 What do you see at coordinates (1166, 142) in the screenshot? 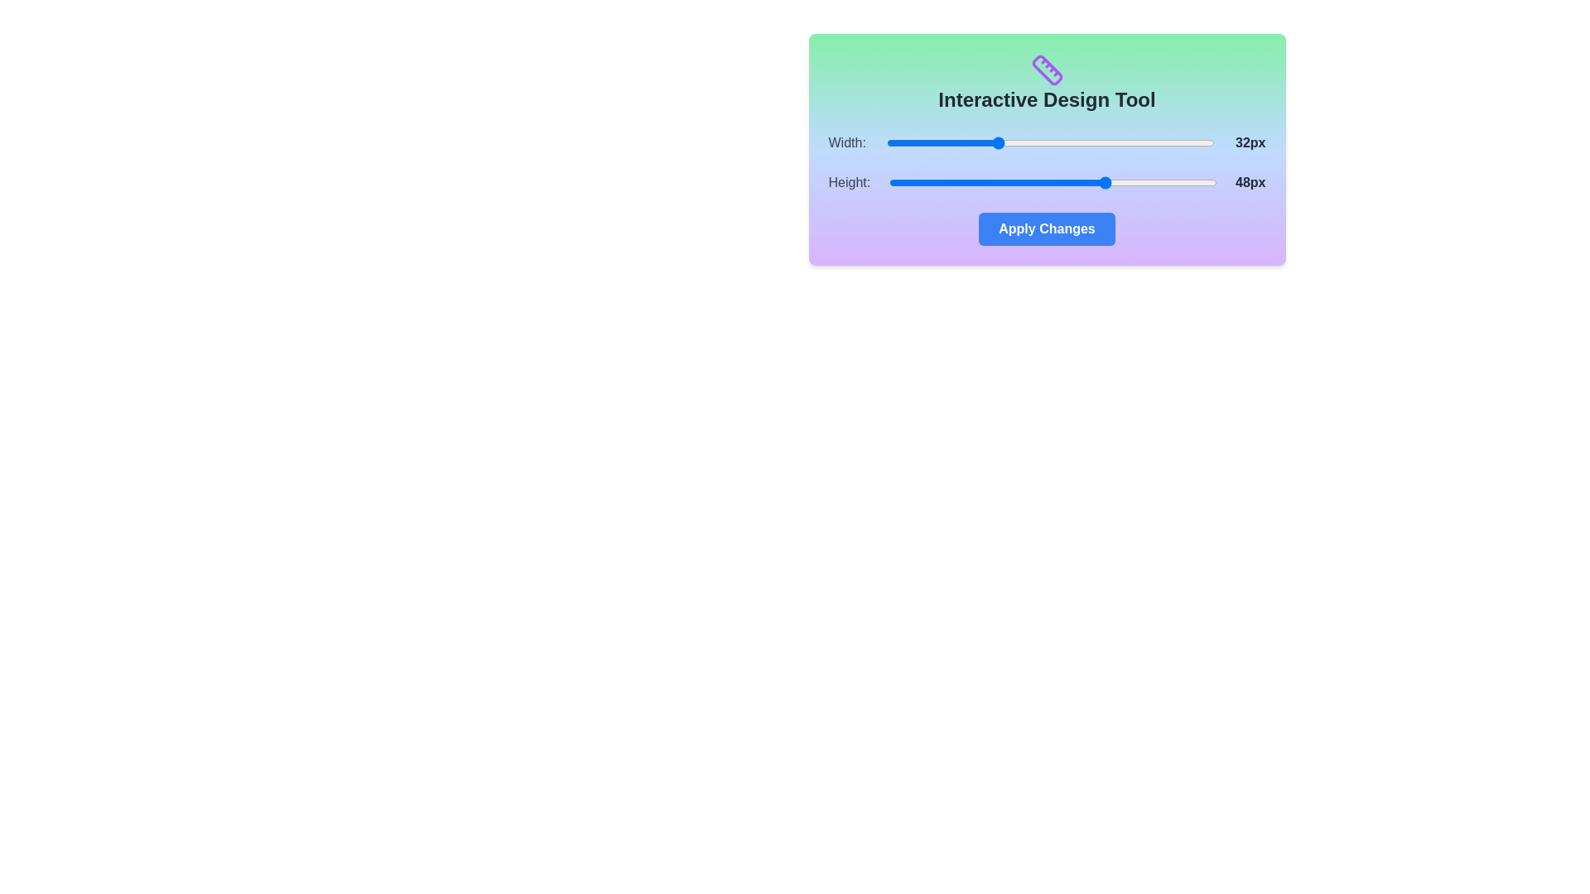
I see `the 'Width' slider to set its value to 57 within the range of 16 to 64` at bounding box center [1166, 142].